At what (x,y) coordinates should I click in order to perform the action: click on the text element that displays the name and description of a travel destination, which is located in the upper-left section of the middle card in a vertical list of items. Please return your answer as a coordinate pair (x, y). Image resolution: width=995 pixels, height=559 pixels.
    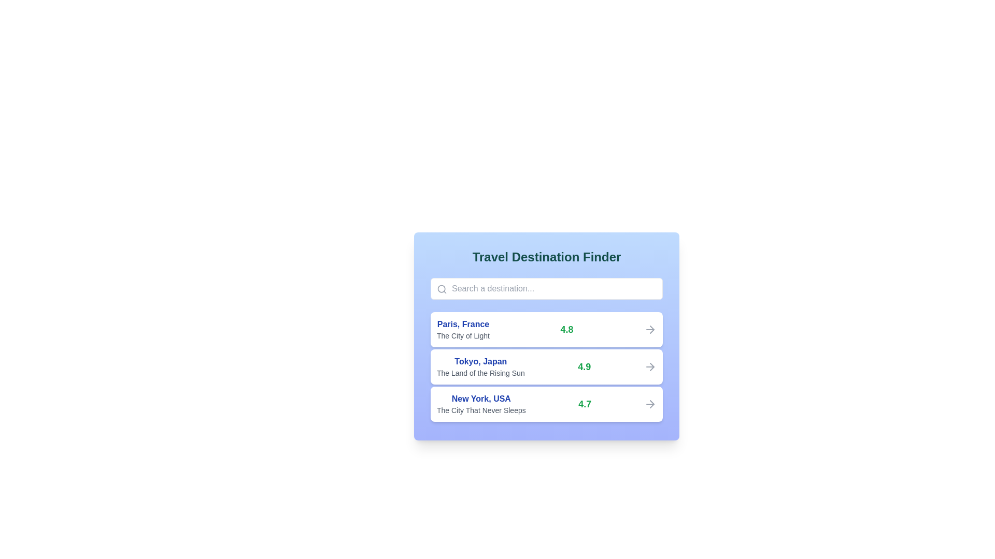
    Looking at the image, I should click on (480, 366).